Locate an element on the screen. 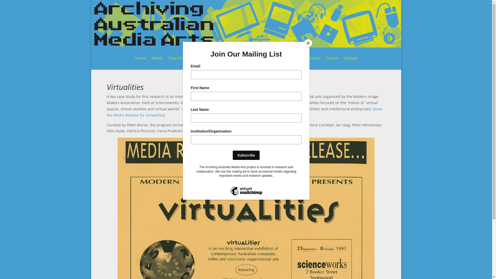  'View the Media Release for Virtualities' is located at coordinates (244, 112).